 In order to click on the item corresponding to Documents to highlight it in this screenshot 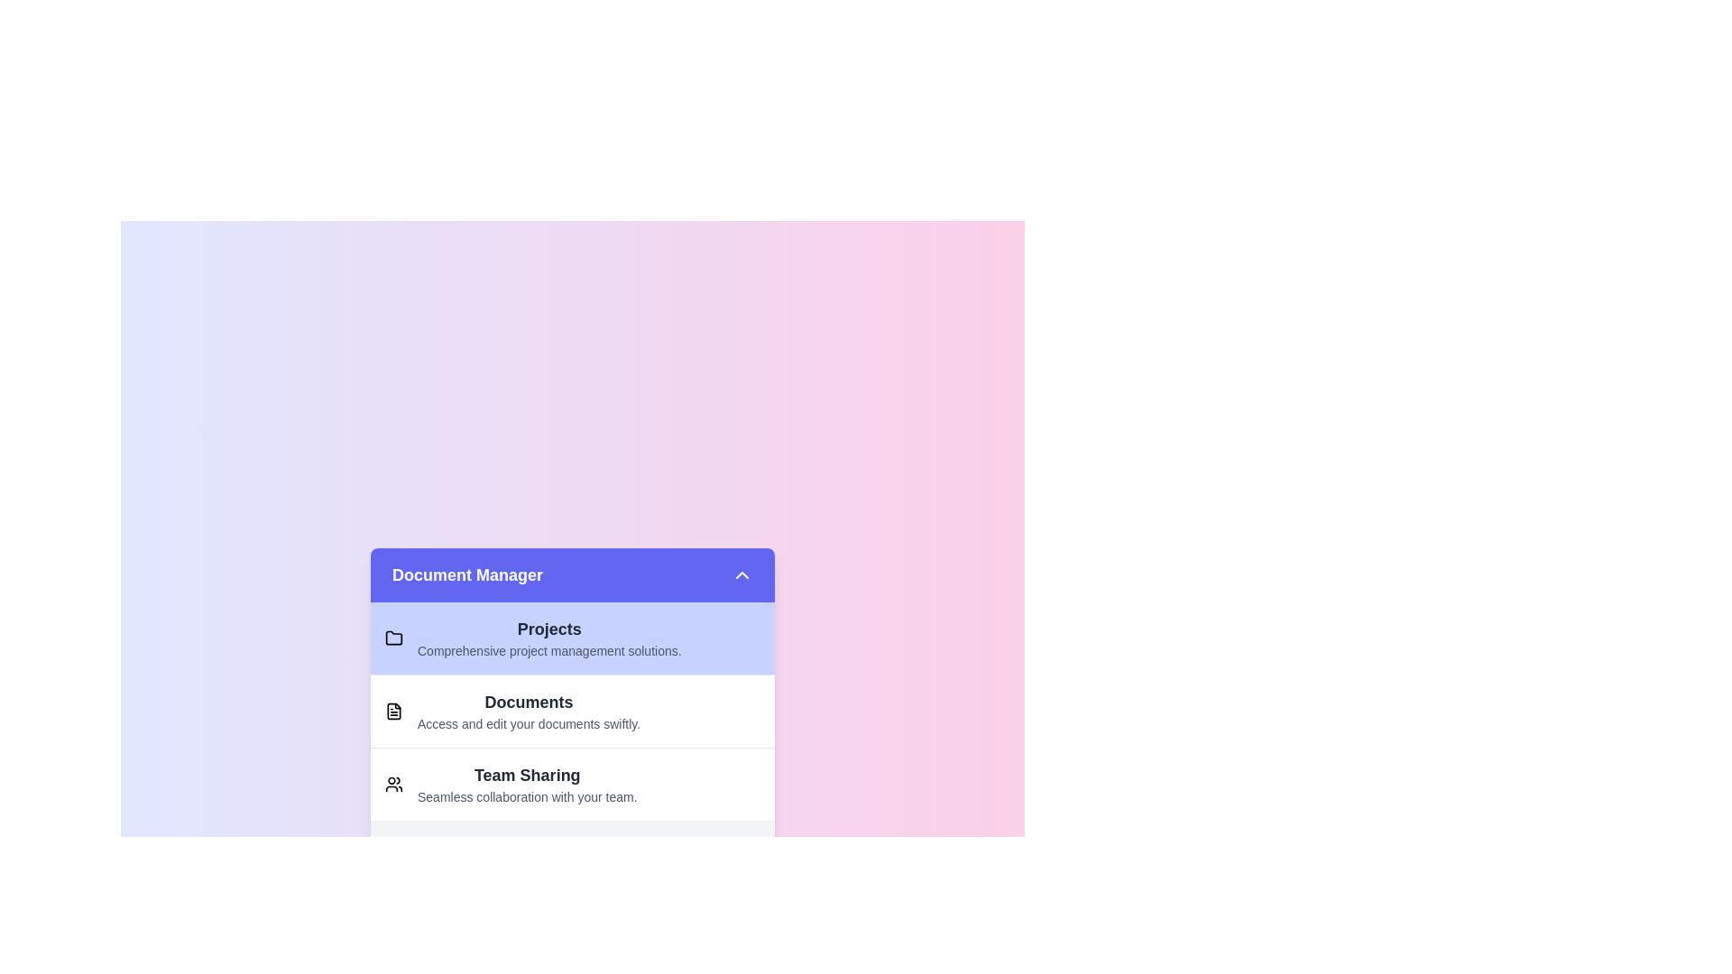, I will do `click(571, 710)`.